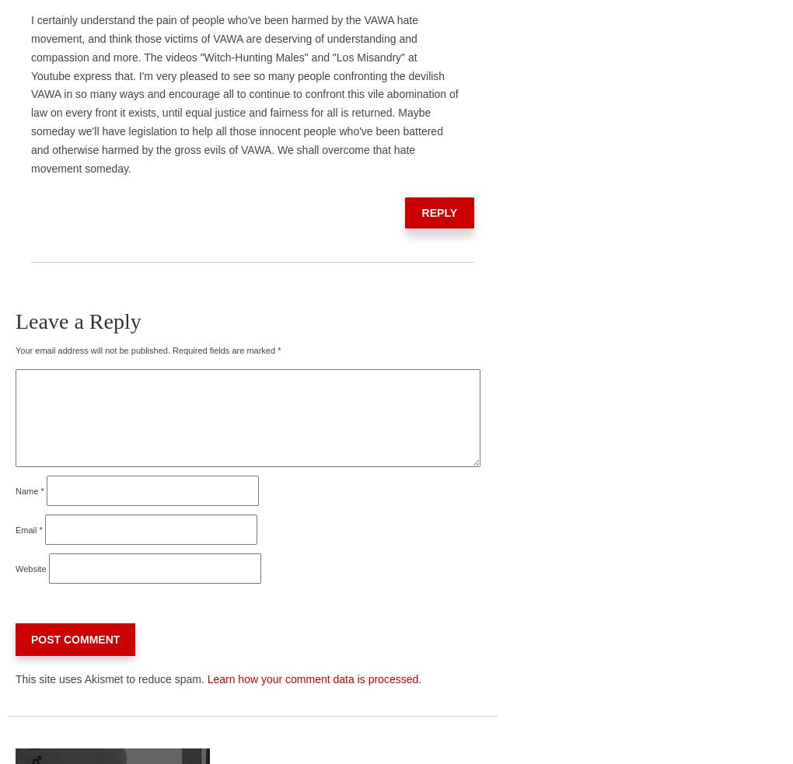 This screenshot has width=793, height=764. I want to click on 'Website', so click(14, 567).